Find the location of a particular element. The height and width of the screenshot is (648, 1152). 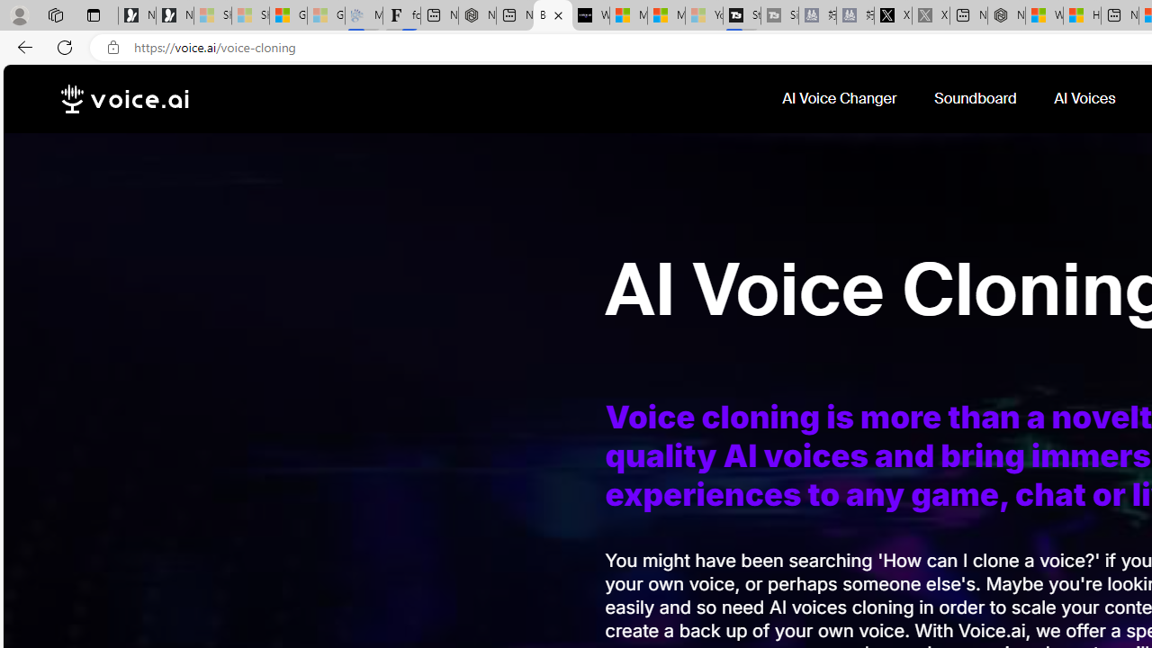

'Streaming Coverage | T3' is located at coordinates (742, 15).